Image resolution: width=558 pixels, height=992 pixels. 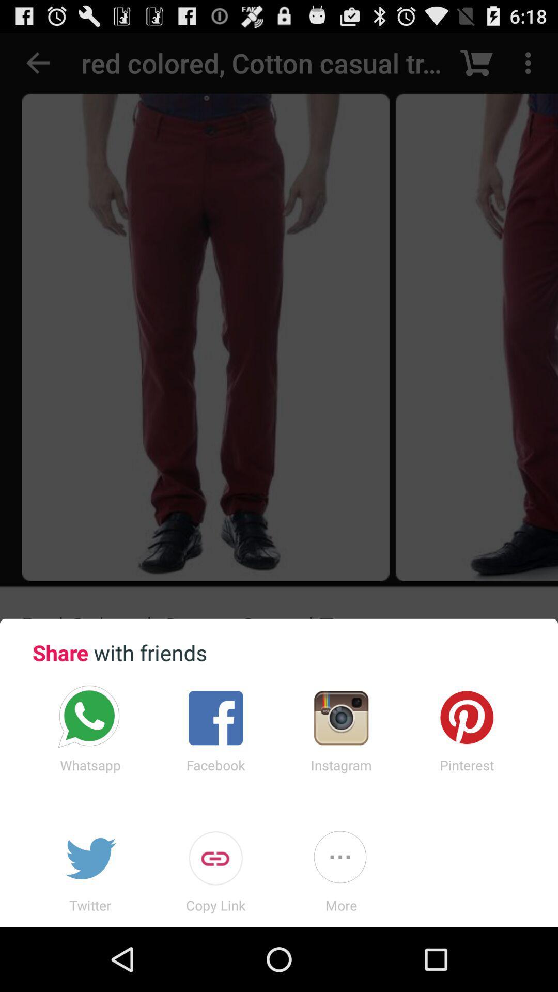 What do you see at coordinates (279, 325) in the screenshot?
I see `the icon at the top` at bounding box center [279, 325].